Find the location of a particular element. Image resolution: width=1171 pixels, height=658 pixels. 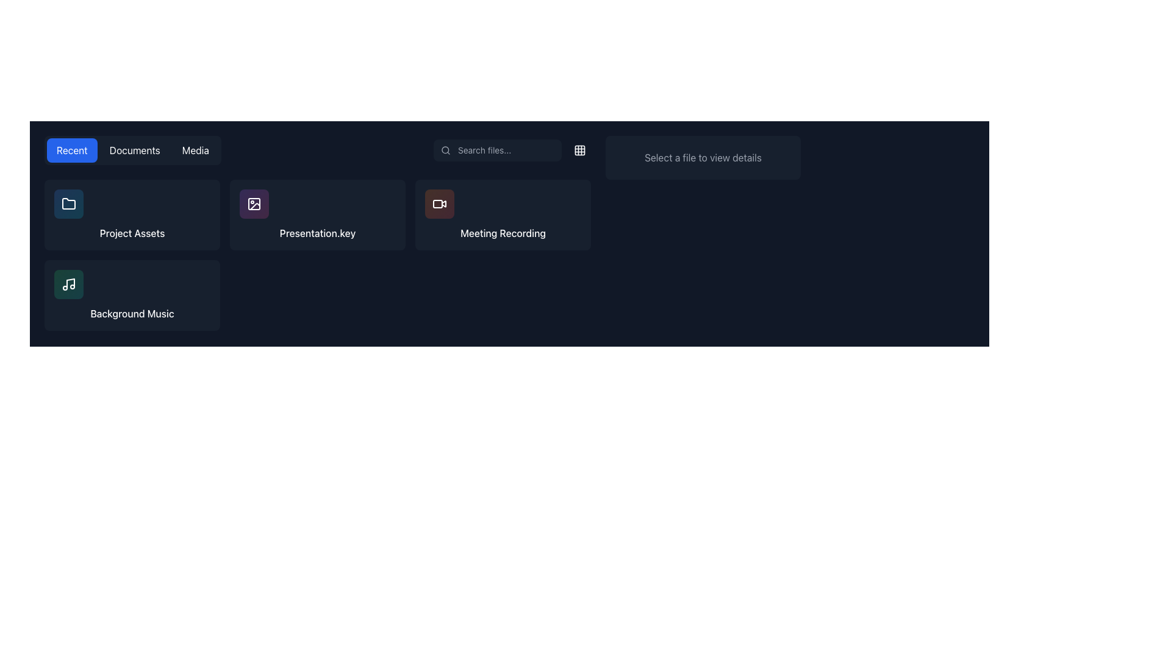

the 'Documents' tab within the navigation tab group is located at coordinates (132, 149).